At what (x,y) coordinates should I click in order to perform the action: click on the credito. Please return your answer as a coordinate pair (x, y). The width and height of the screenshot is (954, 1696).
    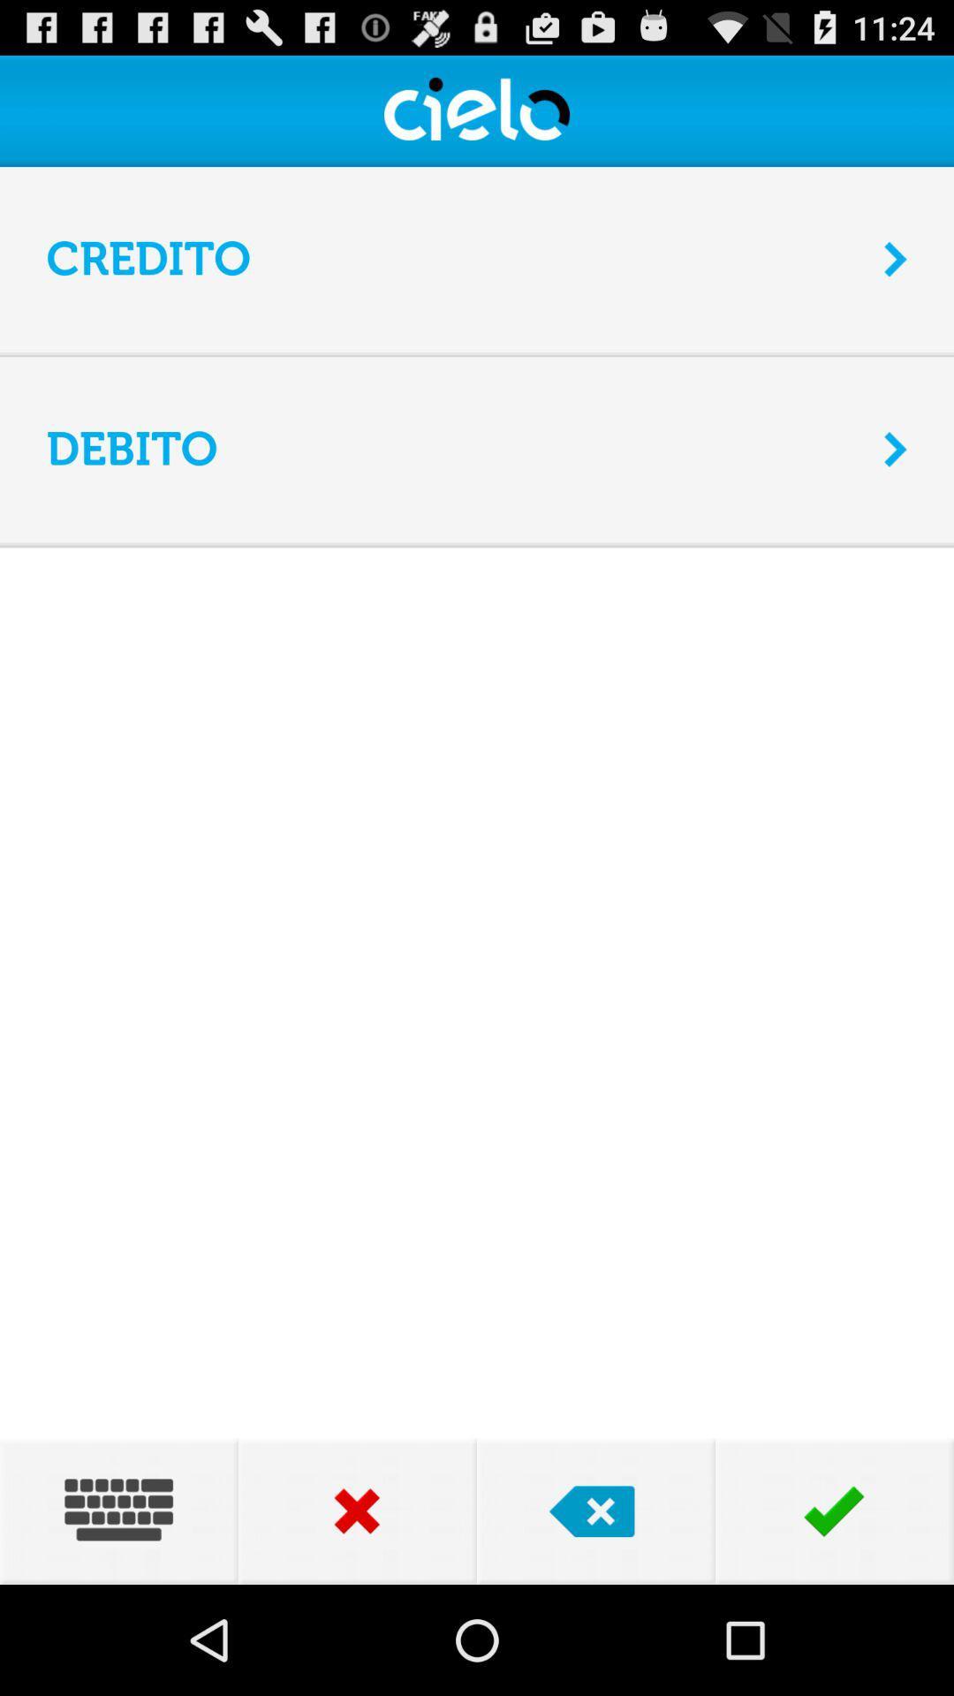
    Looking at the image, I should click on (452, 258).